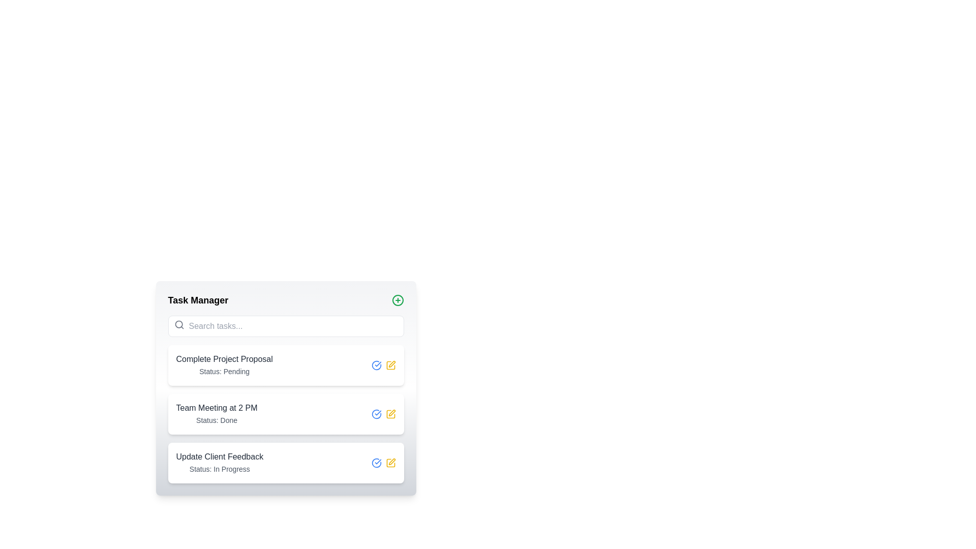  What do you see at coordinates (216, 420) in the screenshot?
I see `text label displaying 'Status: Done', which is styled in a smaller, gray-colored font and positioned below the heading 'Team Meeting at 2 PM.'` at bounding box center [216, 420].